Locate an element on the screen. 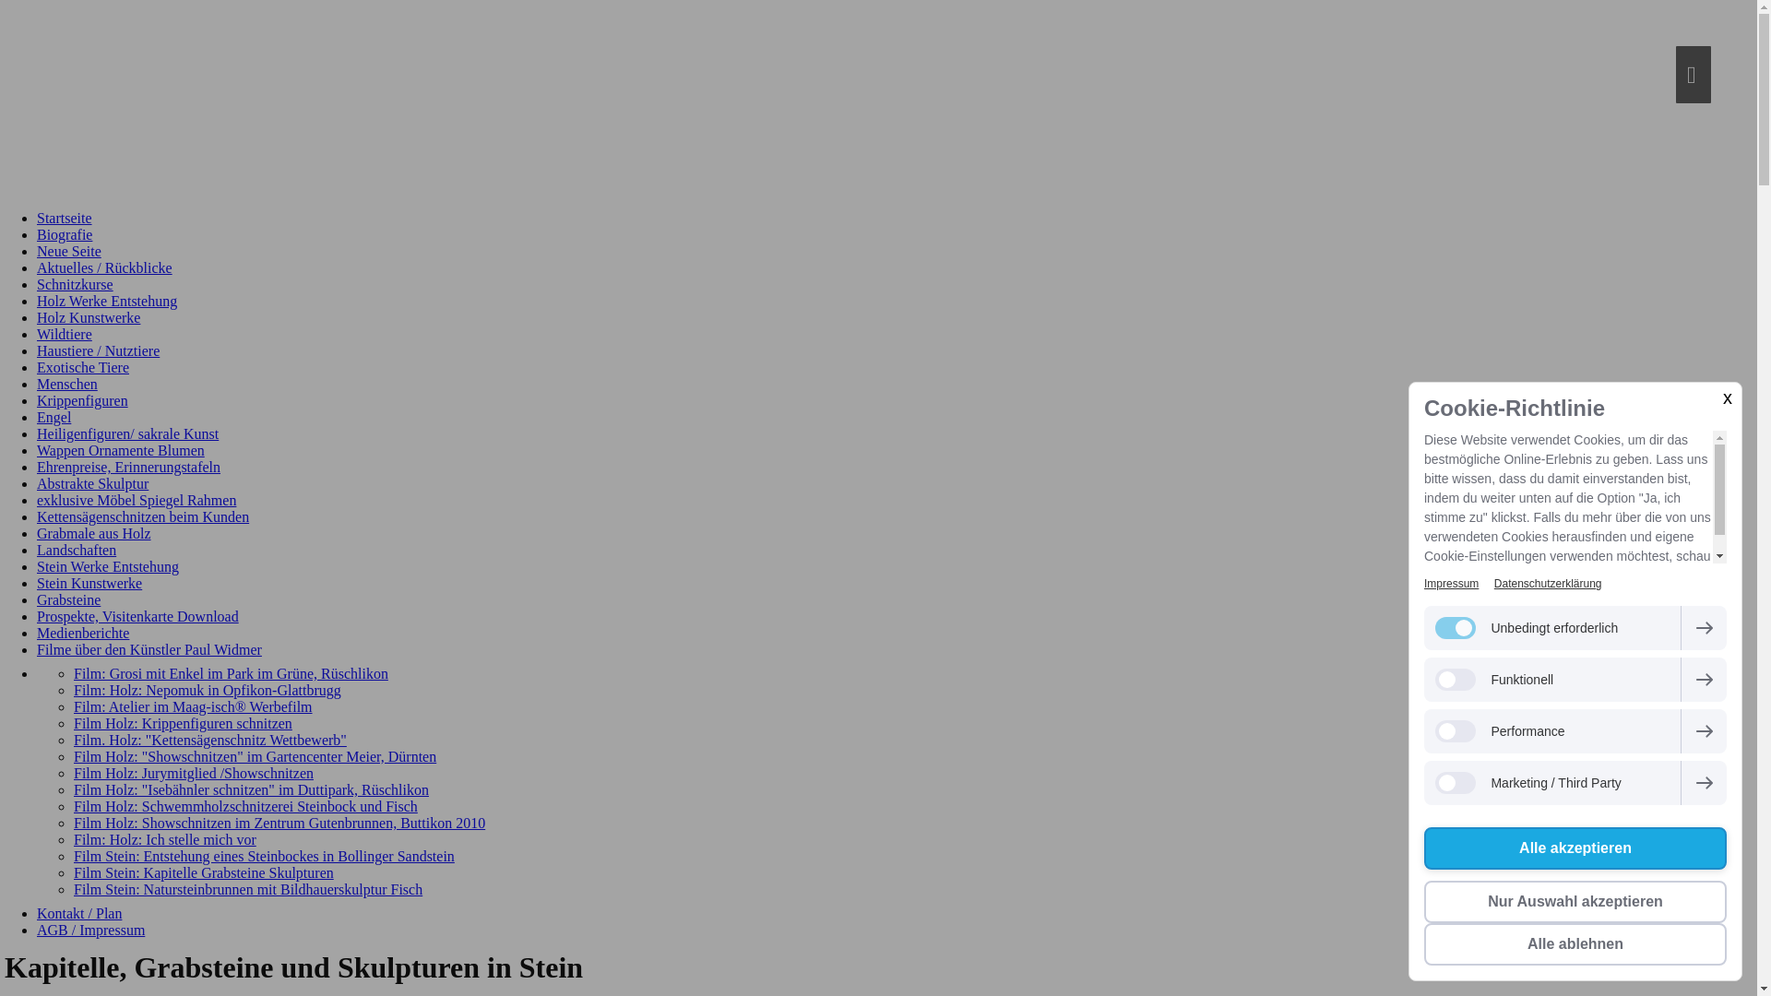 This screenshot has width=1771, height=996. 'Abstrakte Skulptur' is located at coordinates (91, 482).